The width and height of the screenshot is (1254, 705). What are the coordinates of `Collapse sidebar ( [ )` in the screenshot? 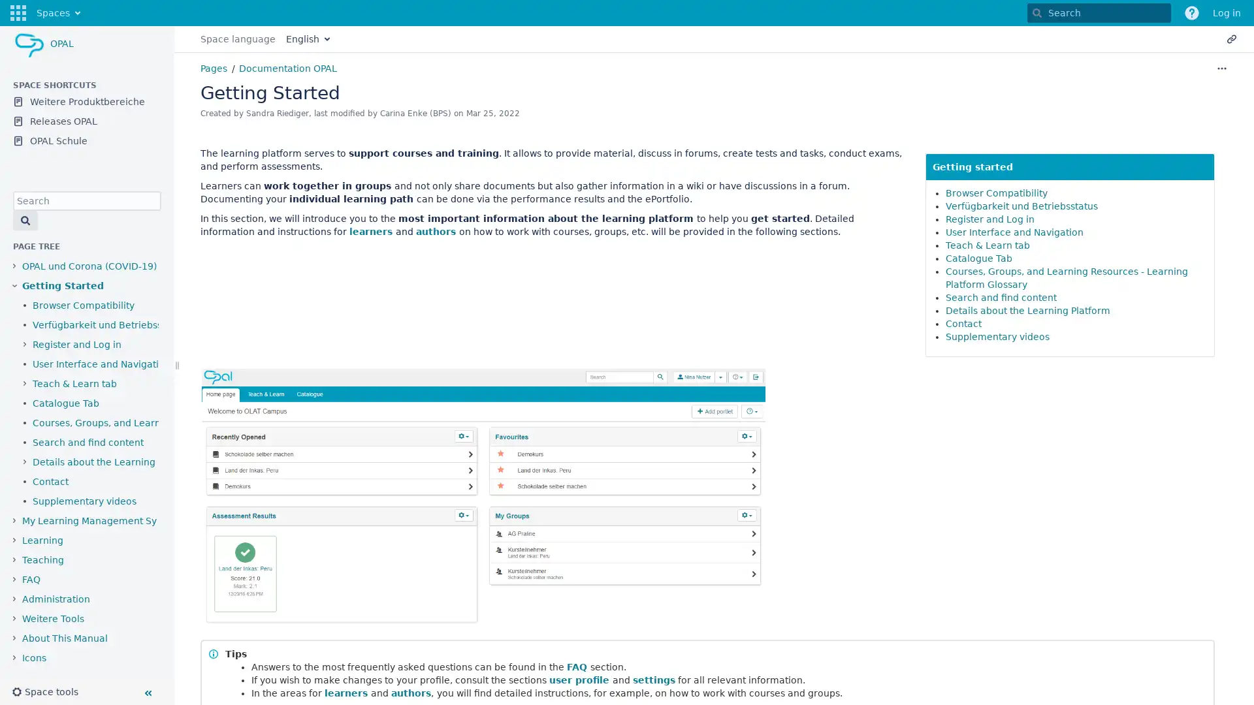 It's located at (147, 692).